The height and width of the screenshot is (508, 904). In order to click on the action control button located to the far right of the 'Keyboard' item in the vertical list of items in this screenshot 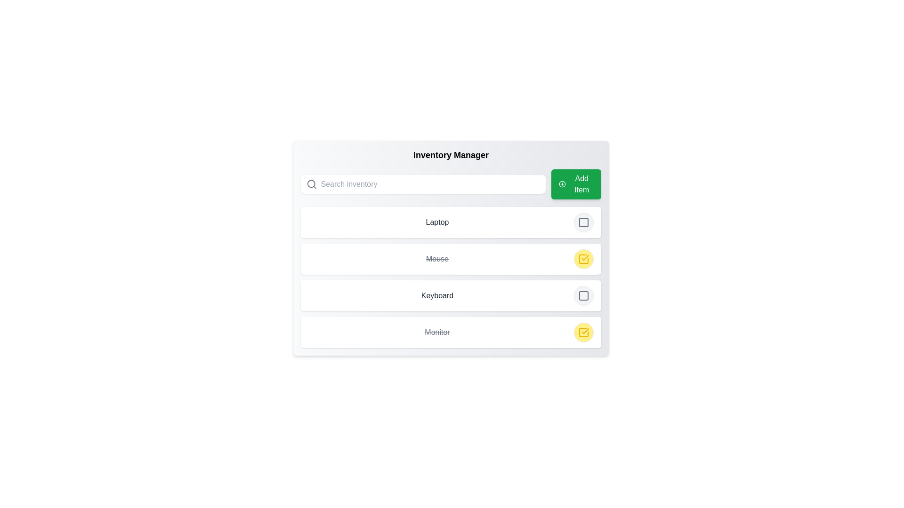, I will do `click(583, 295)`.